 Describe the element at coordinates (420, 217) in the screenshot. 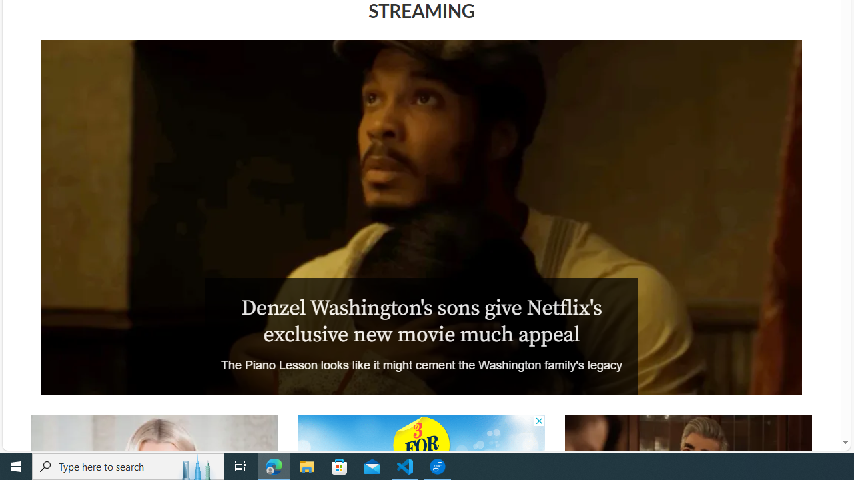

I see `'The Piano Lesson'` at that location.